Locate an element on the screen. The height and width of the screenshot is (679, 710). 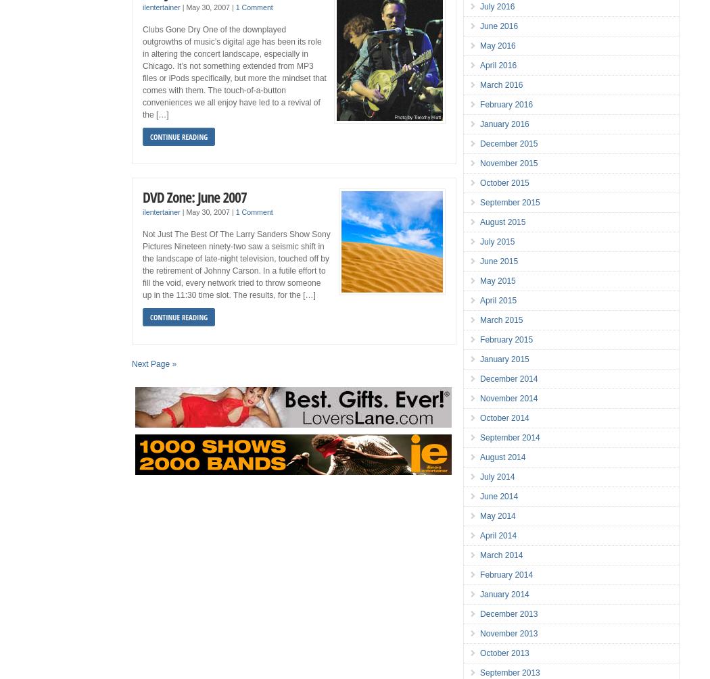
'June 2015' is located at coordinates (498, 261).